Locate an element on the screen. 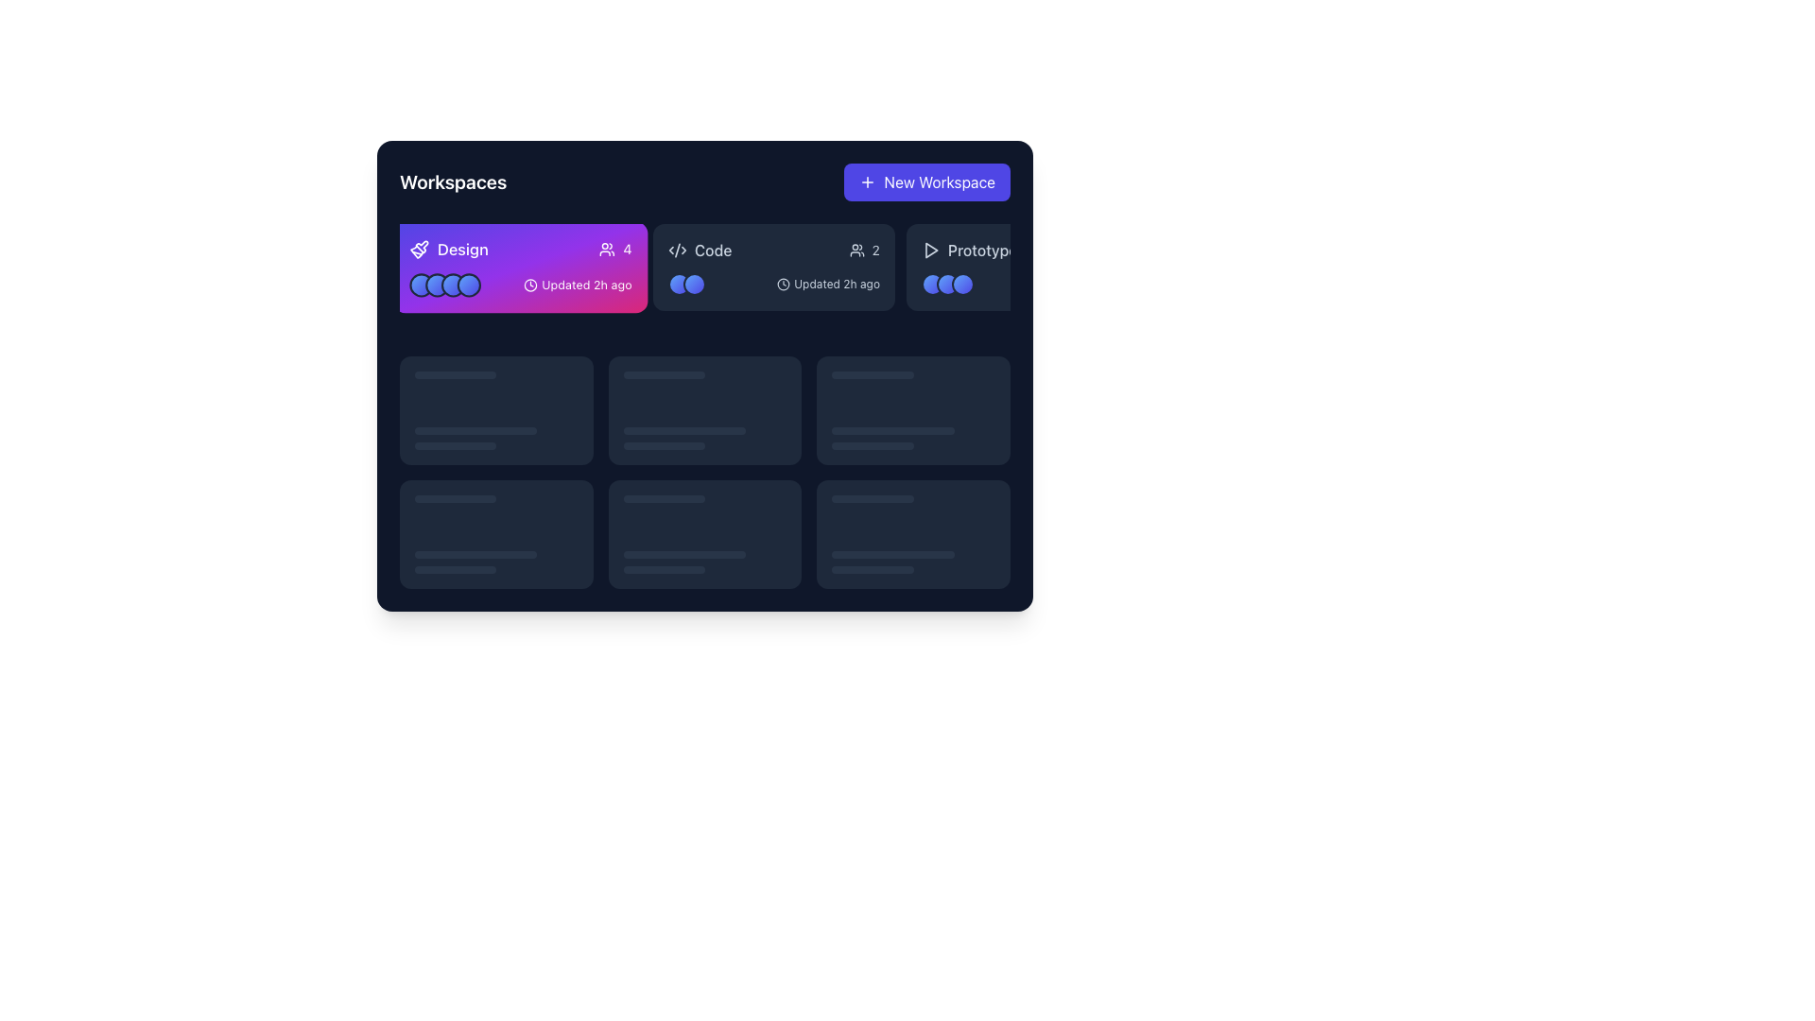 Image resolution: width=1815 pixels, height=1021 pixels. the second visual placeholder bar, which is a narrow rectangular horizontal bar with rounded ends, styled in dark slate-gray, located in the middle-right section of the main interface is located at coordinates (872, 446).